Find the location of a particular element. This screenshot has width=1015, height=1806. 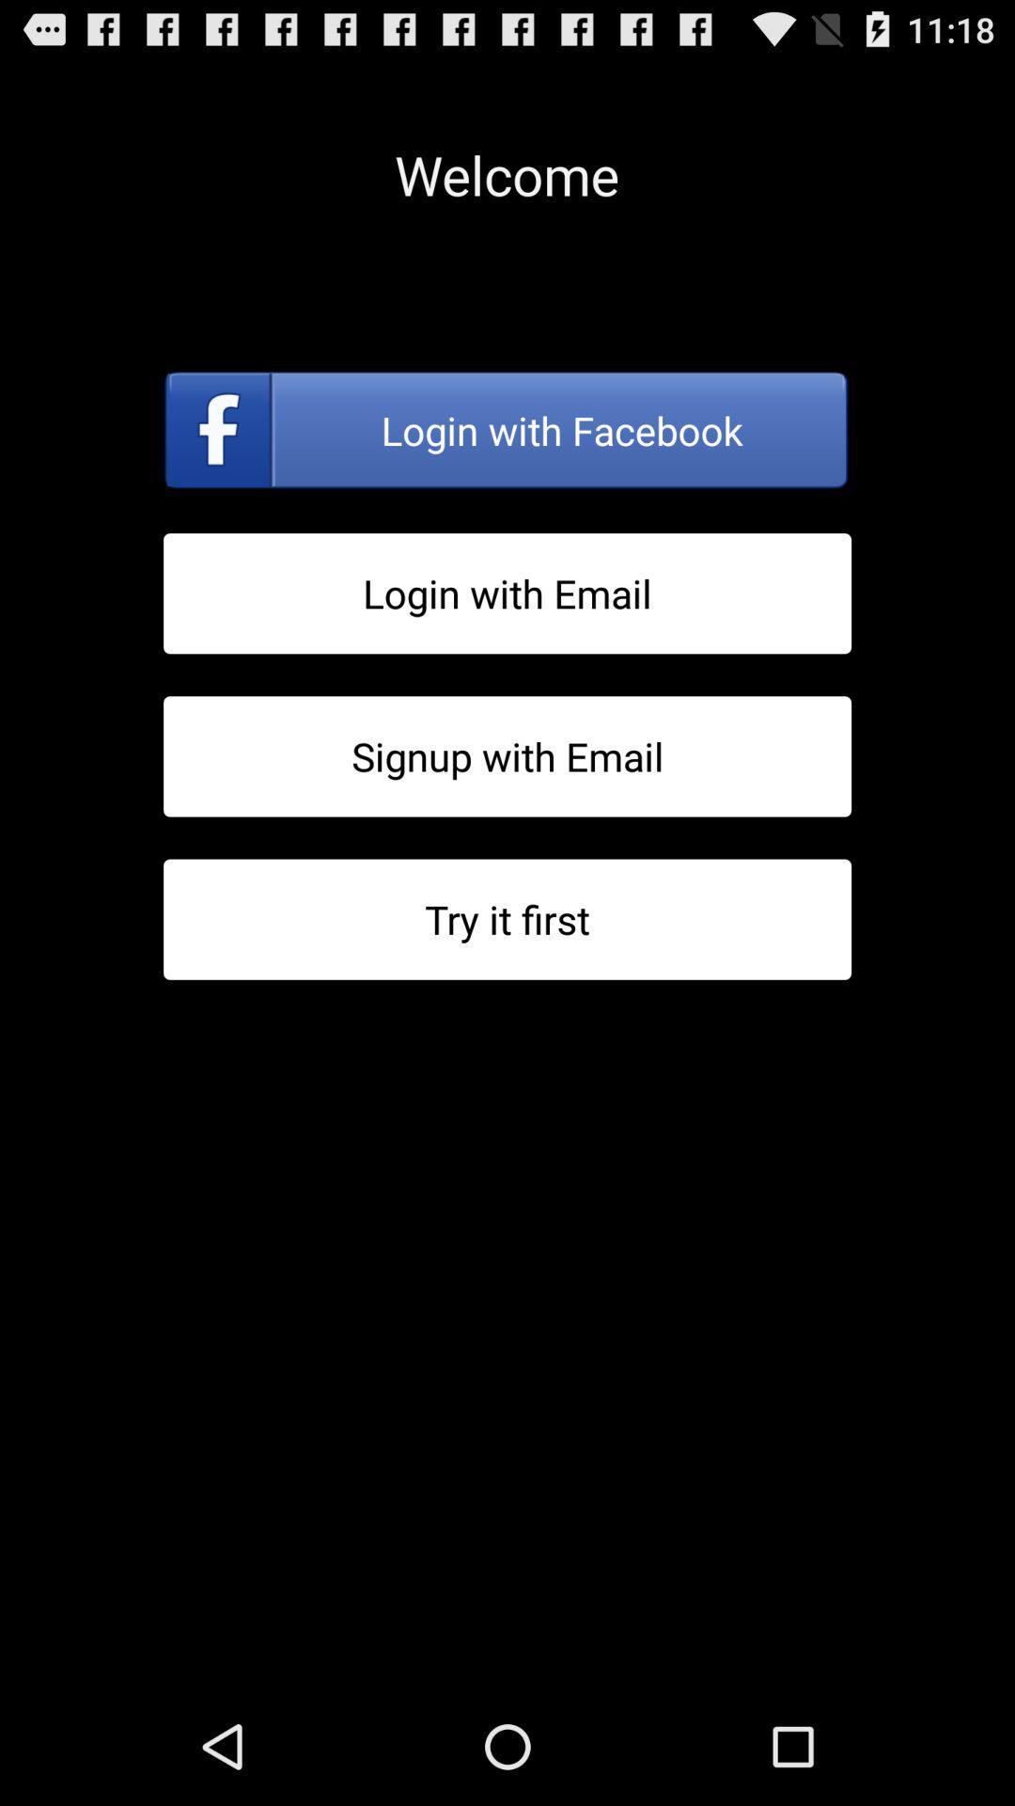

login is located at coordinates (507, 593).